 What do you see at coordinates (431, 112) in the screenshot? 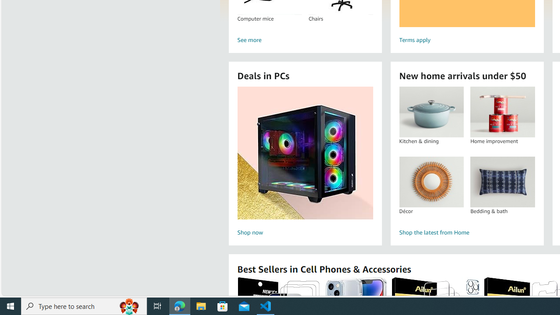
I see `'Kitchen & dining'` at bounding box center [431, 112].